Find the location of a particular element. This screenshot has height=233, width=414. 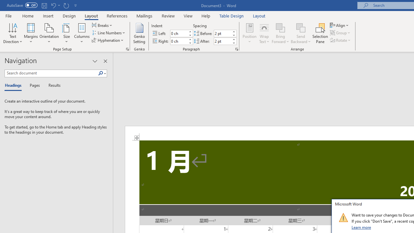

'Class: NetUIImage' is located at coordinates (343, 217).